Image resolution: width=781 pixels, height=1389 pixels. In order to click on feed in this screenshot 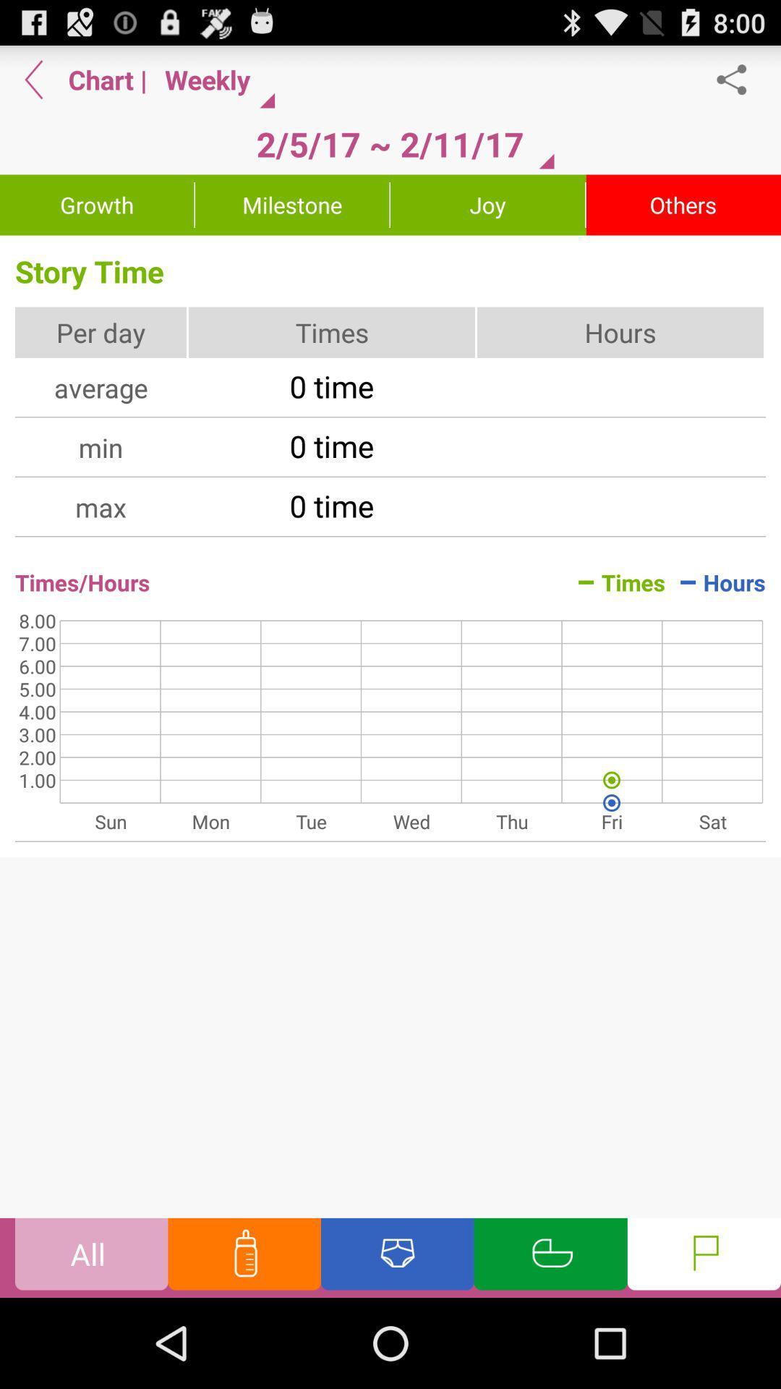, I will do `click(244, 1257)`.